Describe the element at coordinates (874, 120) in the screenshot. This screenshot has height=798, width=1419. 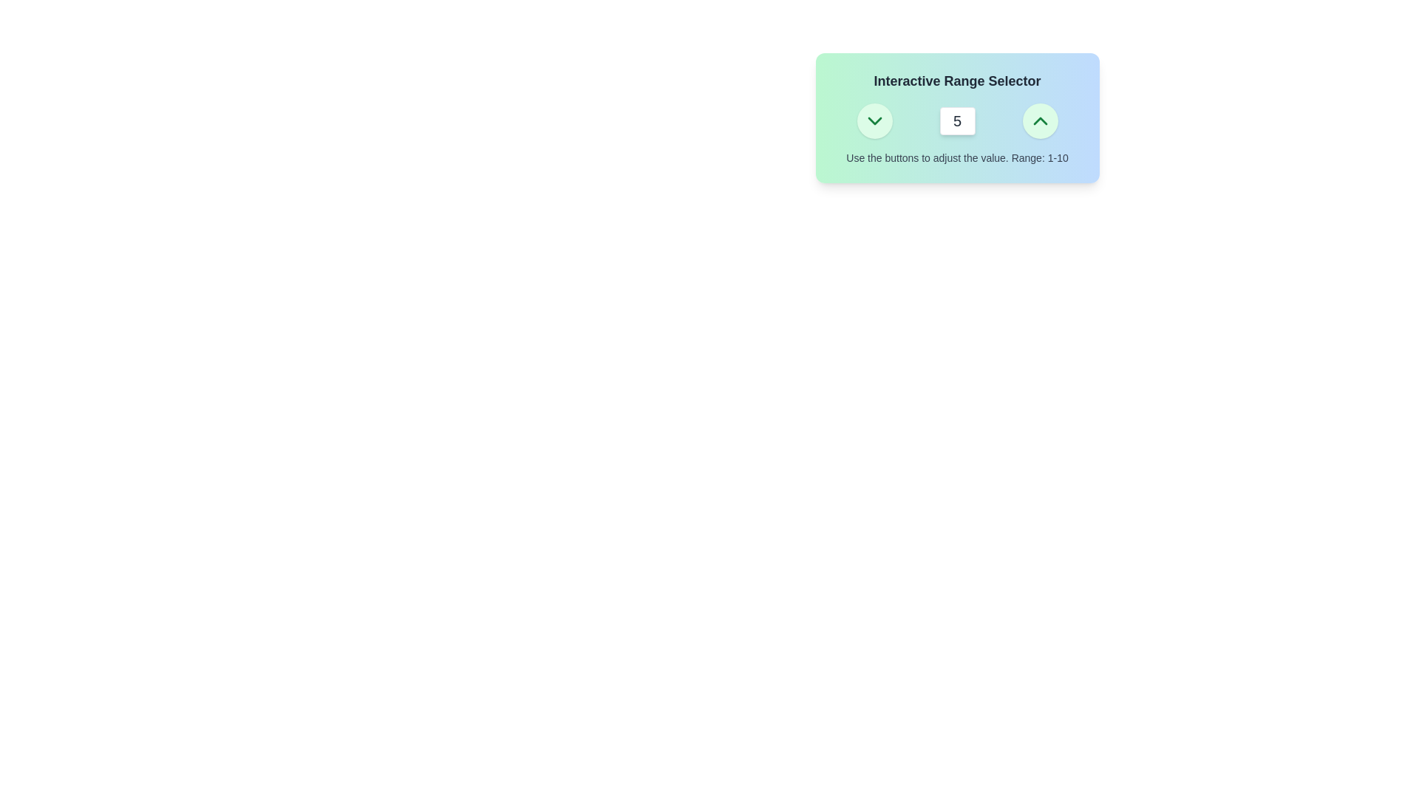
I see `the downward-pointing chevron icon with a green outline, located within a circular button, to decrease the range value` at that location.